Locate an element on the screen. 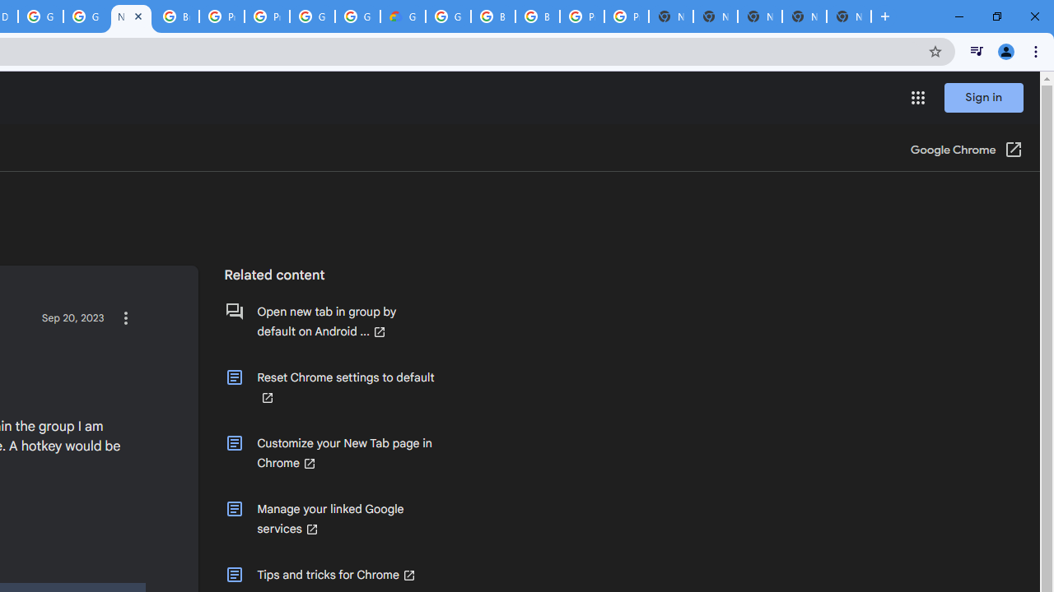  'Google Chrome (Open in a new window)' is located at coordinates (966, 150).